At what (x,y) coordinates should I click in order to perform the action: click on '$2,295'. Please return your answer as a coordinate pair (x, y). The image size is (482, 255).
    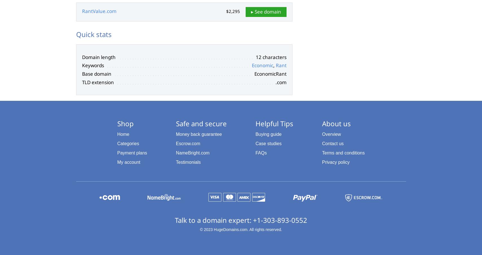
    Looking at the image, I should click on (232, 11).